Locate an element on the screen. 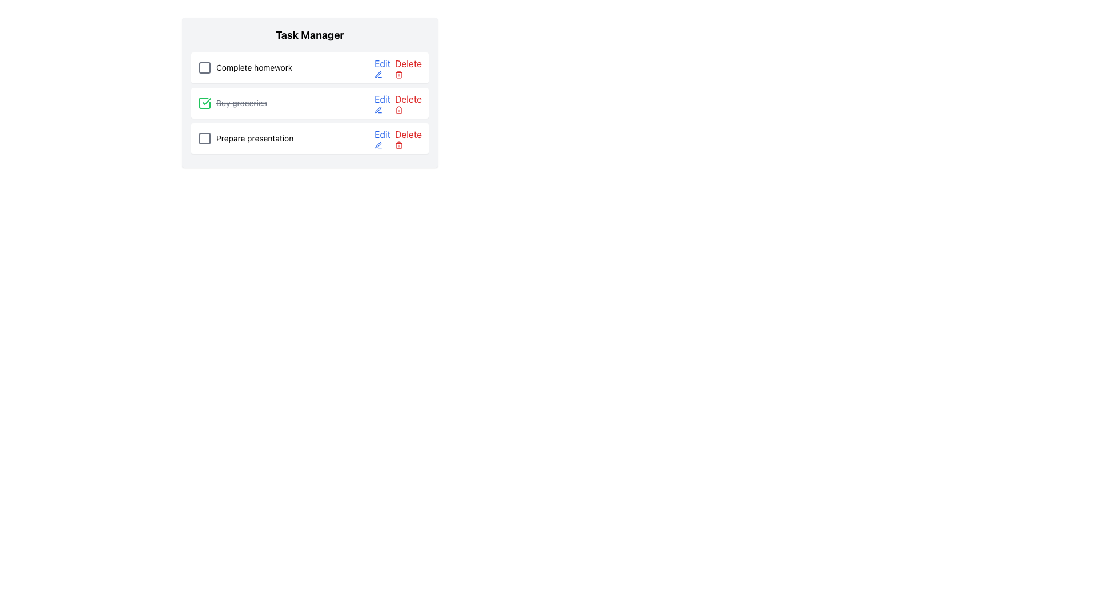 The width and height of the screenshot is (1096, 616). the text element displaying 'Buy groceries' which is marked as done with a strikethrough effect and gray coloring in the 'Task Manager' interface is located at coordinates (241, 103).